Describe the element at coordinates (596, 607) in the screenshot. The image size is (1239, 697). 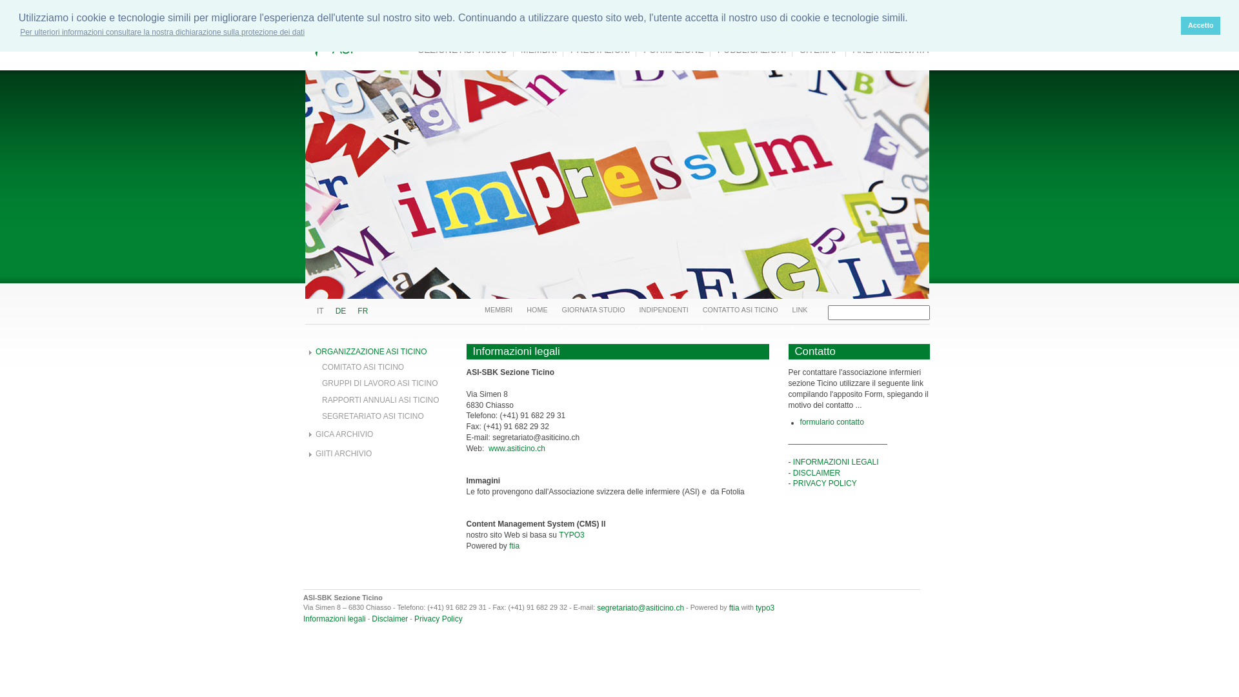
I see `'segretariato@asiticino.ch'` at that location.